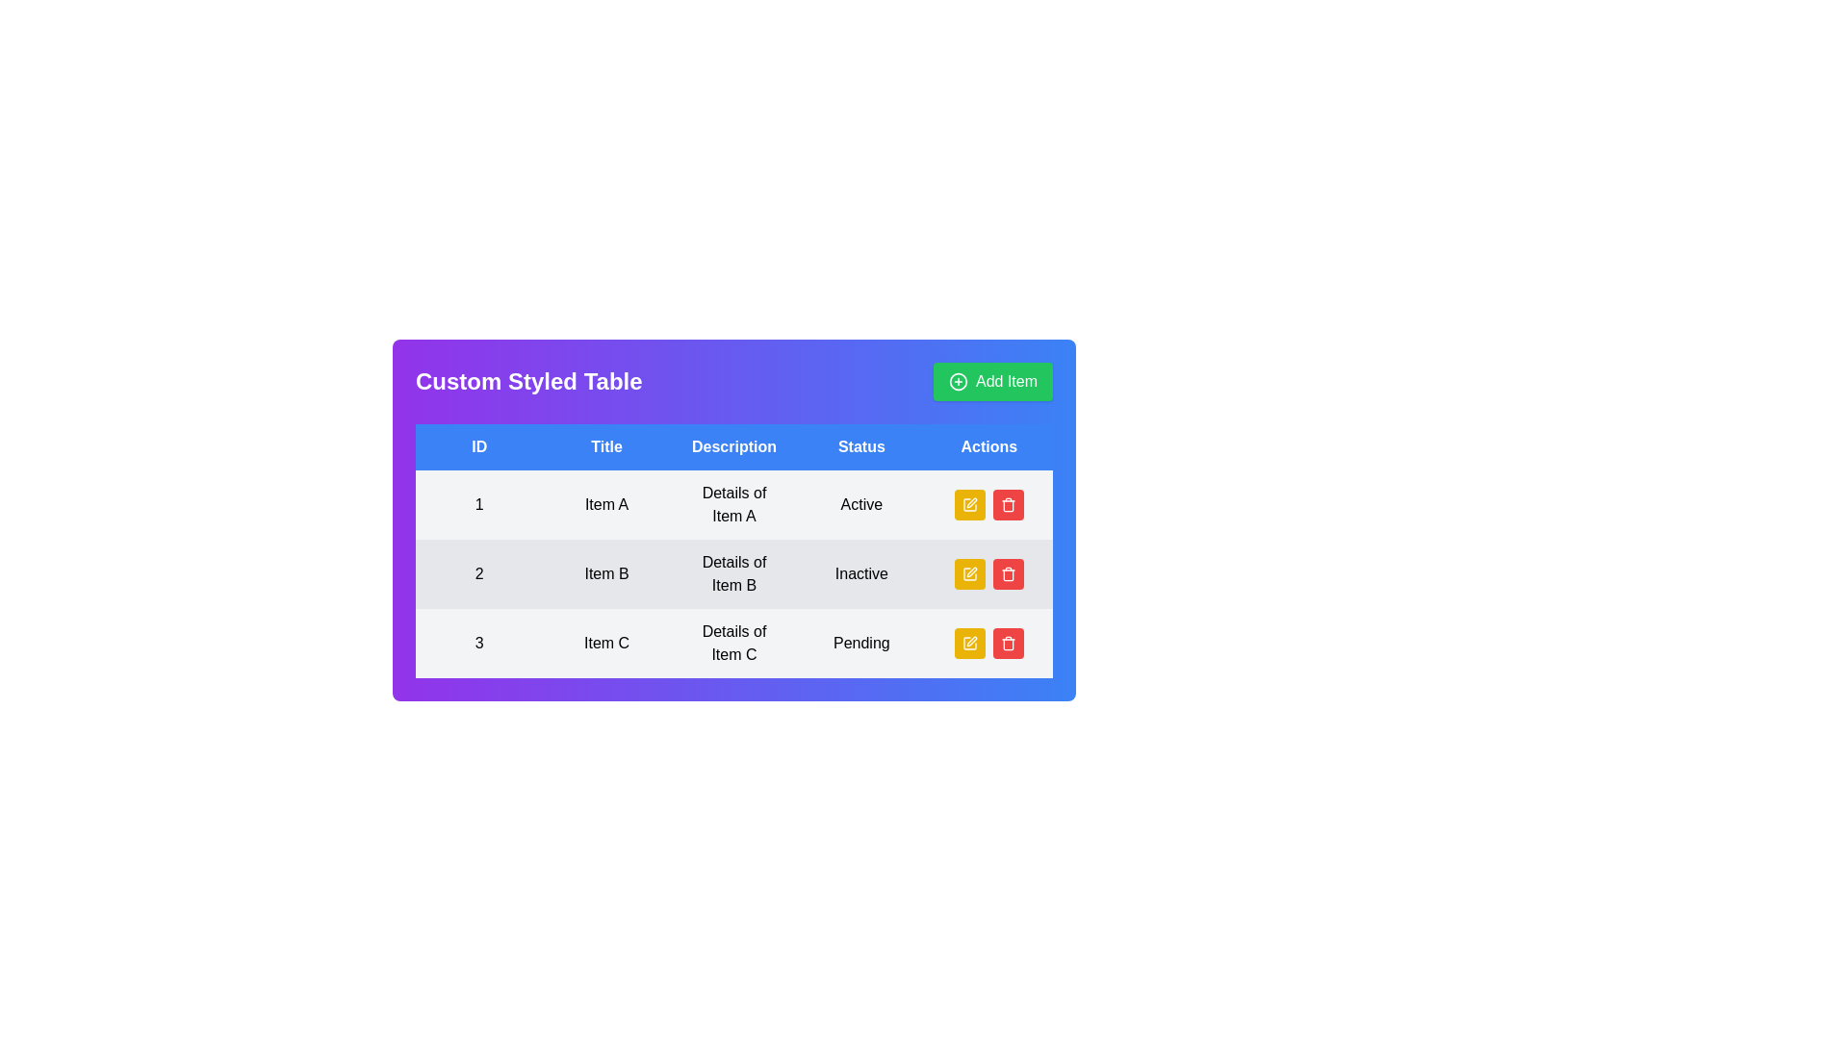  What do you see at coordinates (733, 503) in the screenshot?
I see `the Text label that displays information about 'Item A', located in the third column of the first row of the table, between the 'Item A' title and the 'Active' status` at bounding box center [733, 503].